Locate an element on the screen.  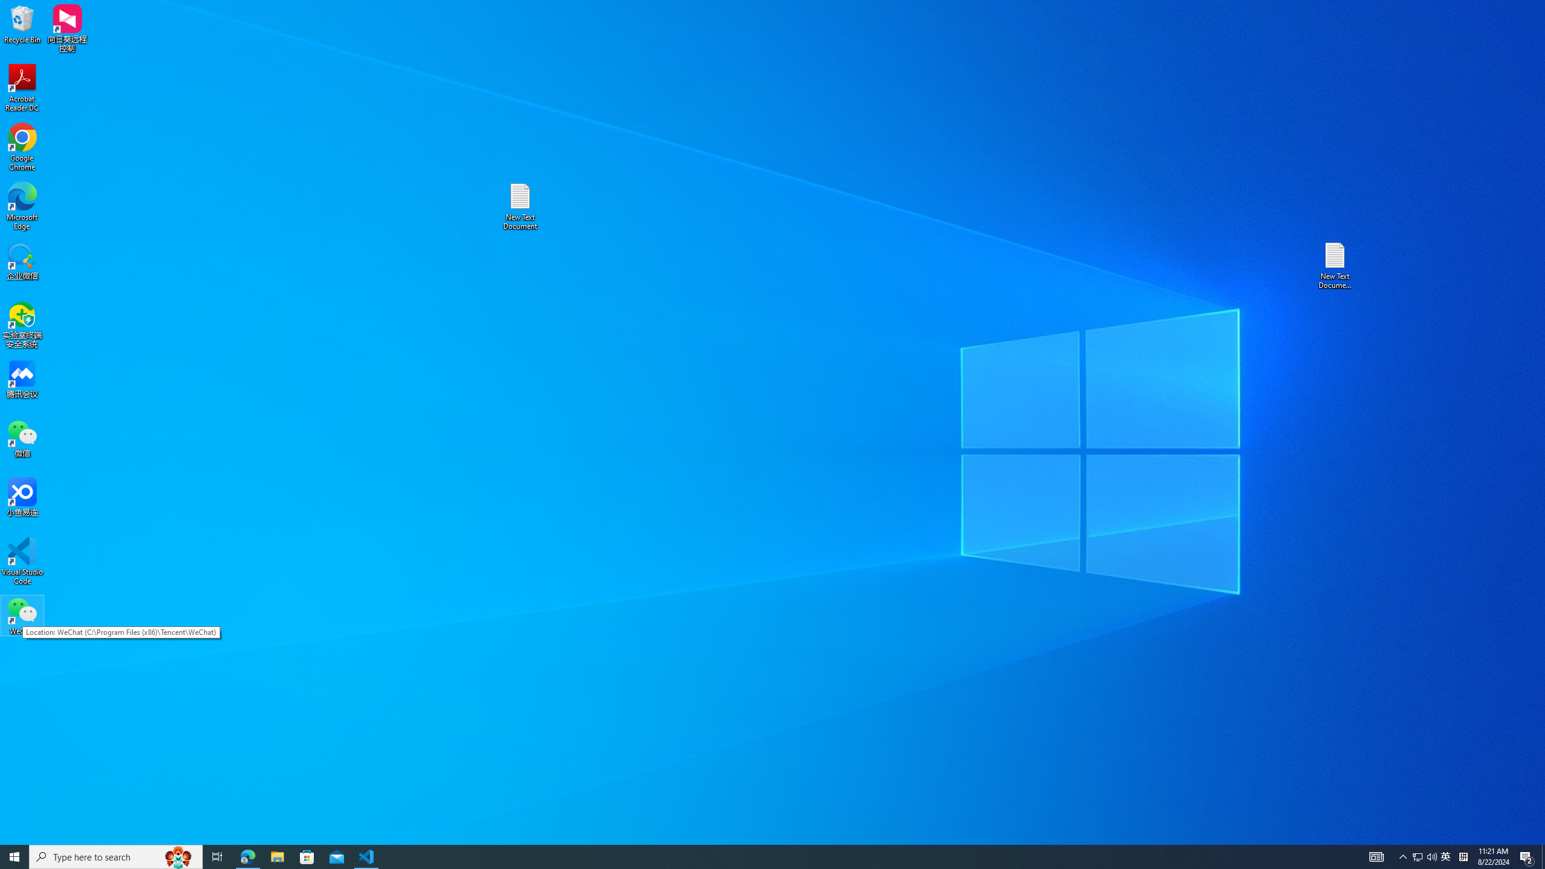
'File Explorer' is located at coordinates (276, 856).